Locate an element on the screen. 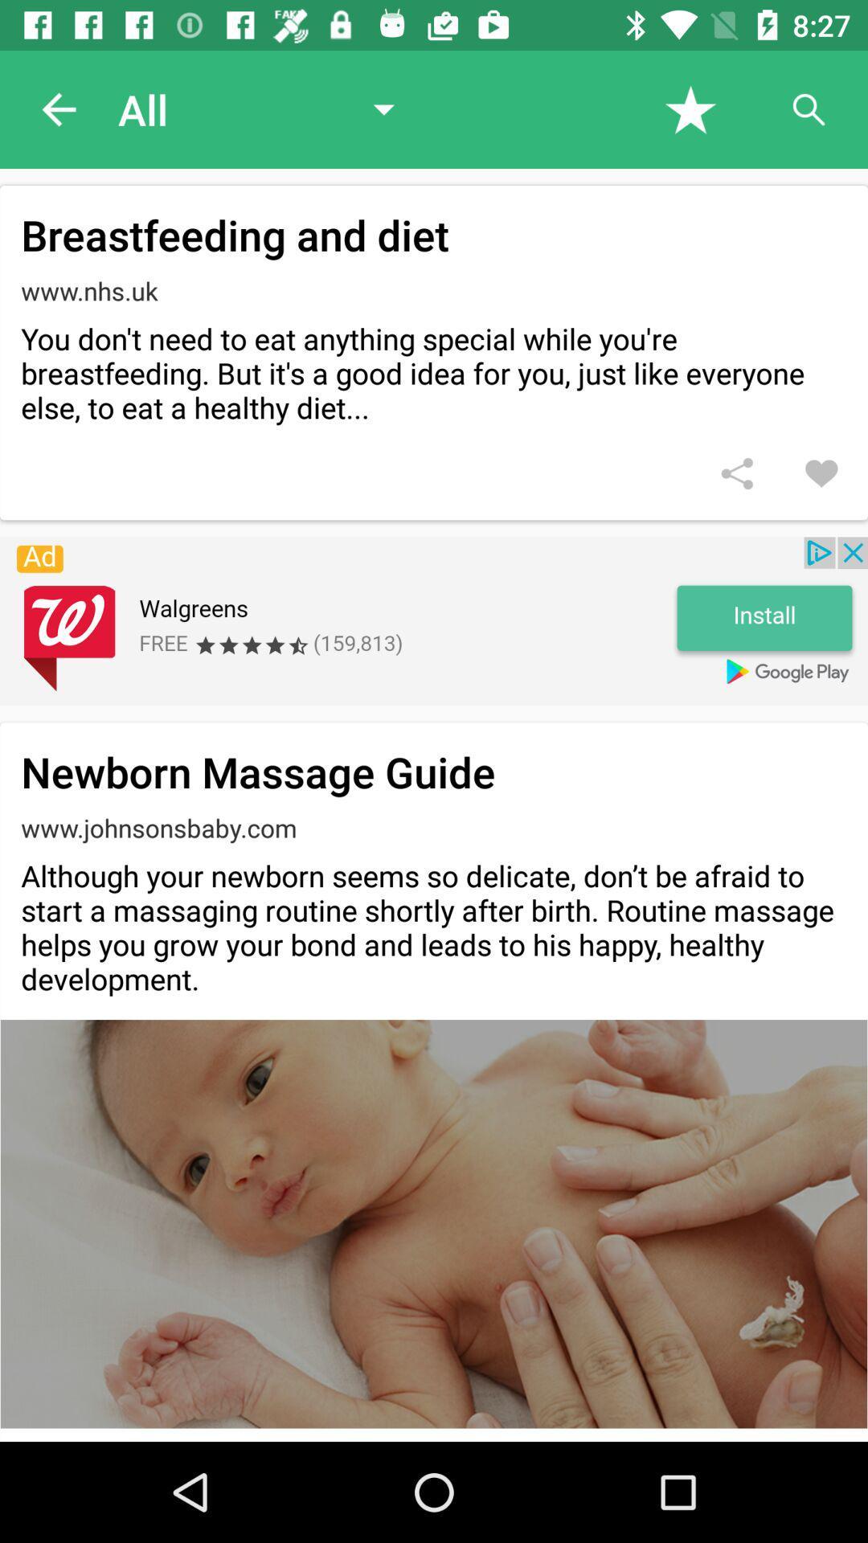  give heart is located at coordinates (821, 473).